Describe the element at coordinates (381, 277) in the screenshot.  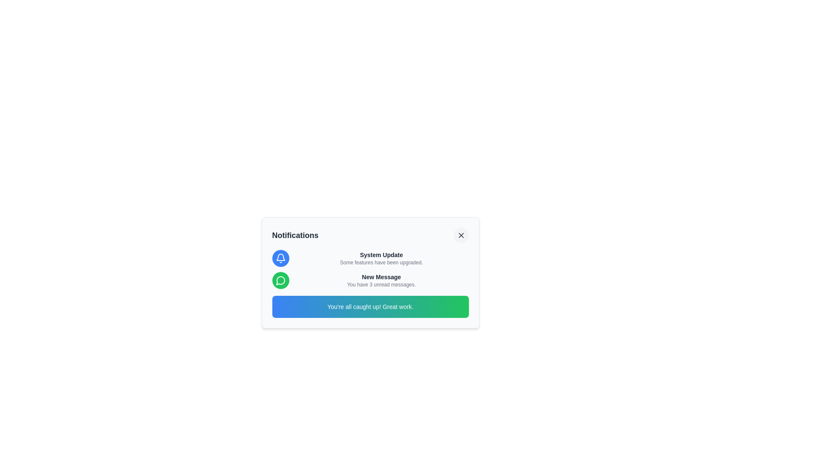
I see `the text label that serves as the title for the second notification in the notifications popup, which summarizes the notification's content` at that location.